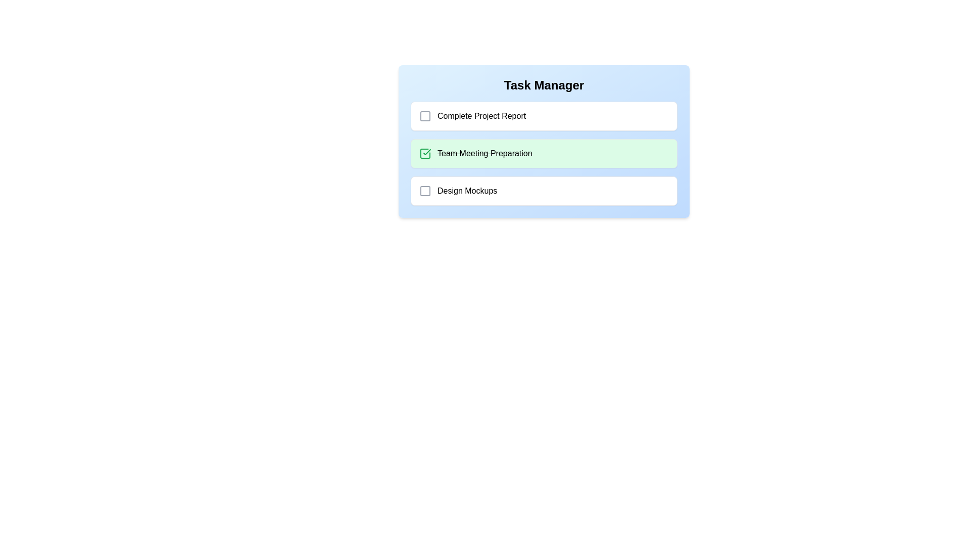 This screenshot has height=546, width=970. Describe the element at coordinates (425, 154) in the screenshot. I see `the outline shape of the checkbox indicating a checked state next to the task 'Team Meeting Preparation'` at that location.